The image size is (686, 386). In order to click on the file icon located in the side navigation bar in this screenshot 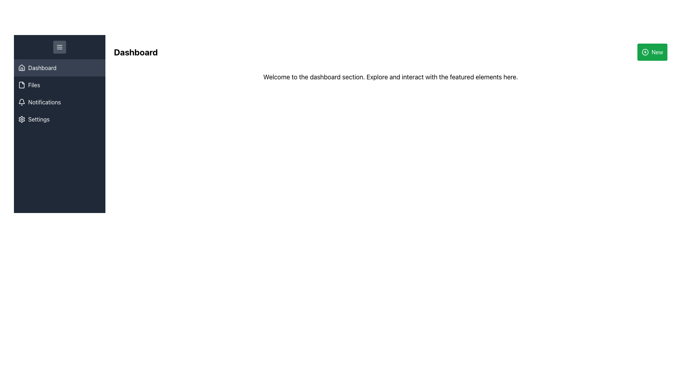, I will do `click(22, 85)`.